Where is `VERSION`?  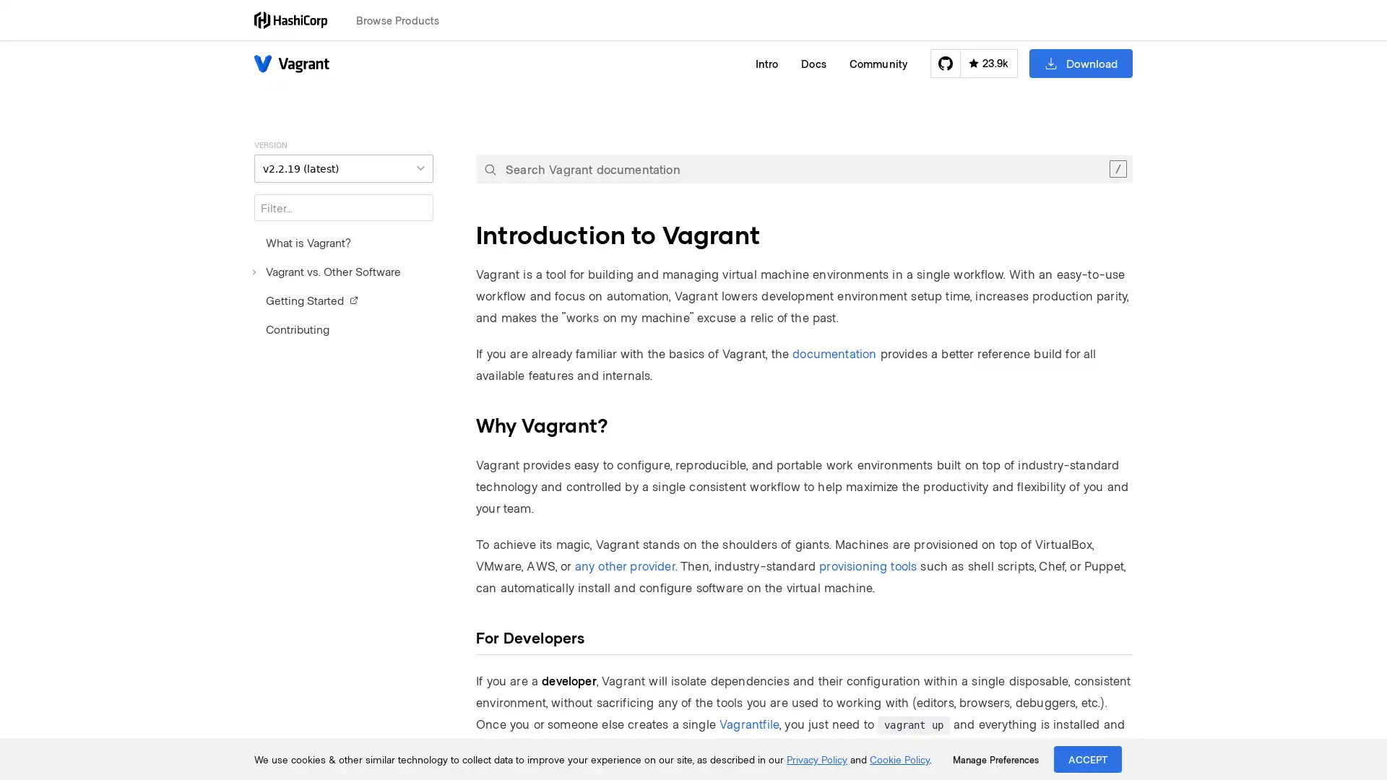
VERSION is located at coordinates (342, 168).